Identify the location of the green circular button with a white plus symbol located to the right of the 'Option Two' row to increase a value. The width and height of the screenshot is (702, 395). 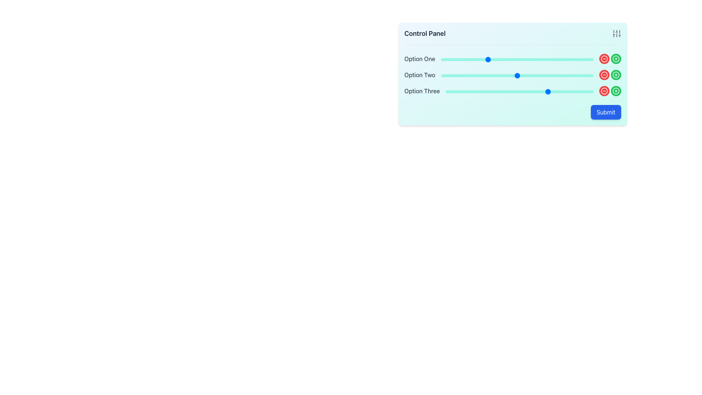
(610, 75).